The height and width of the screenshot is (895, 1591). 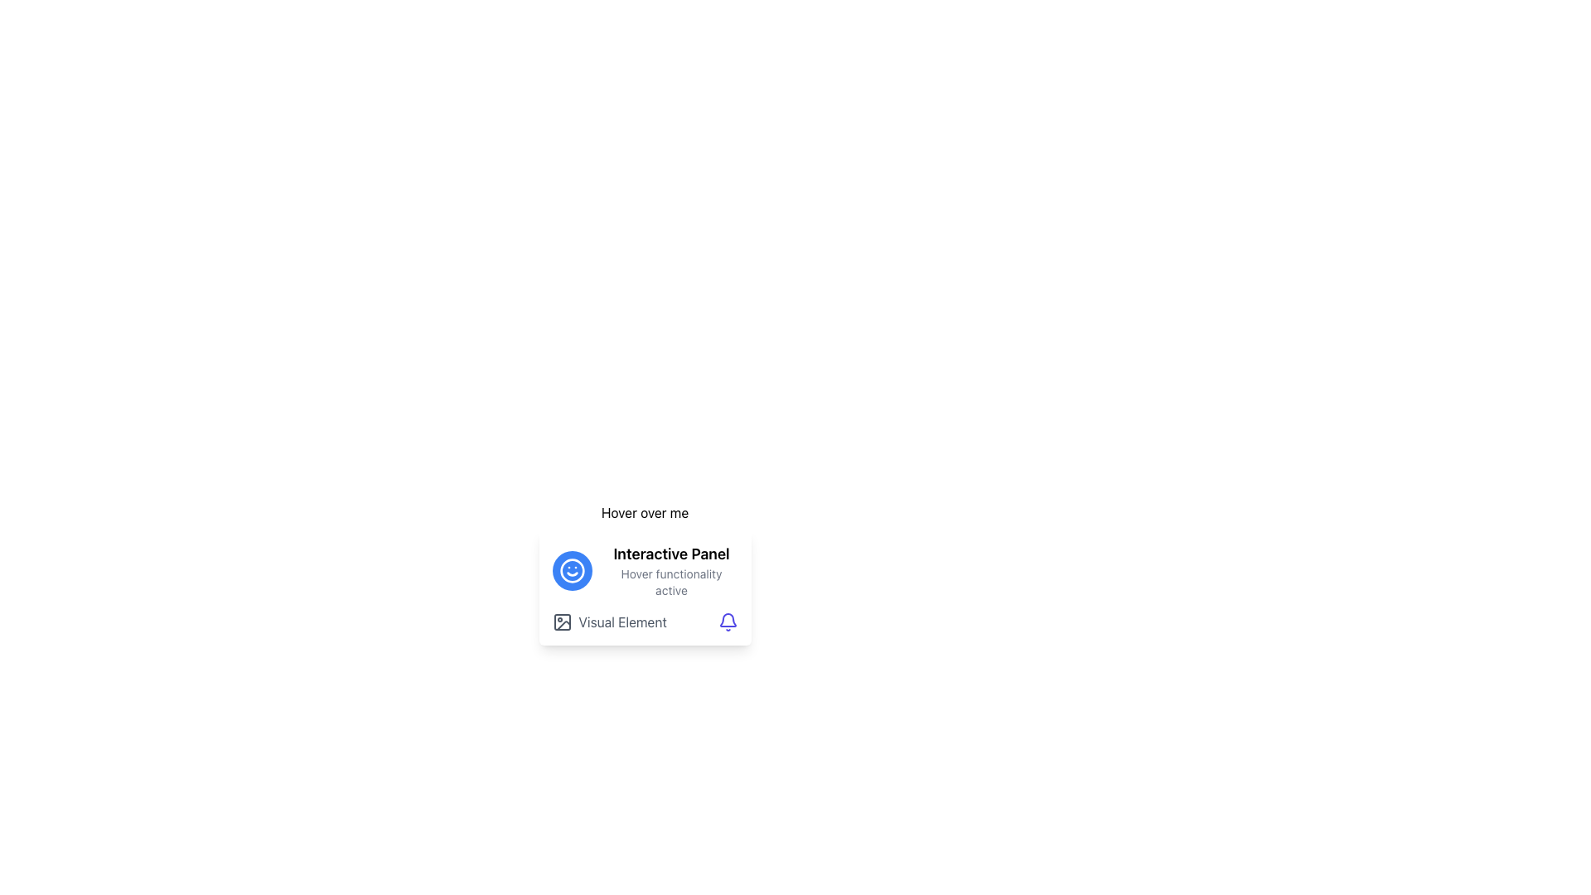 I want to click on the label with the text 'Visual Element' which is accompanied by an image icon on the left and a bell icon on the right, located in the 'Interactive Panel' beneath the subtitle 'Hover functionality active', so click(x=644, y=622).